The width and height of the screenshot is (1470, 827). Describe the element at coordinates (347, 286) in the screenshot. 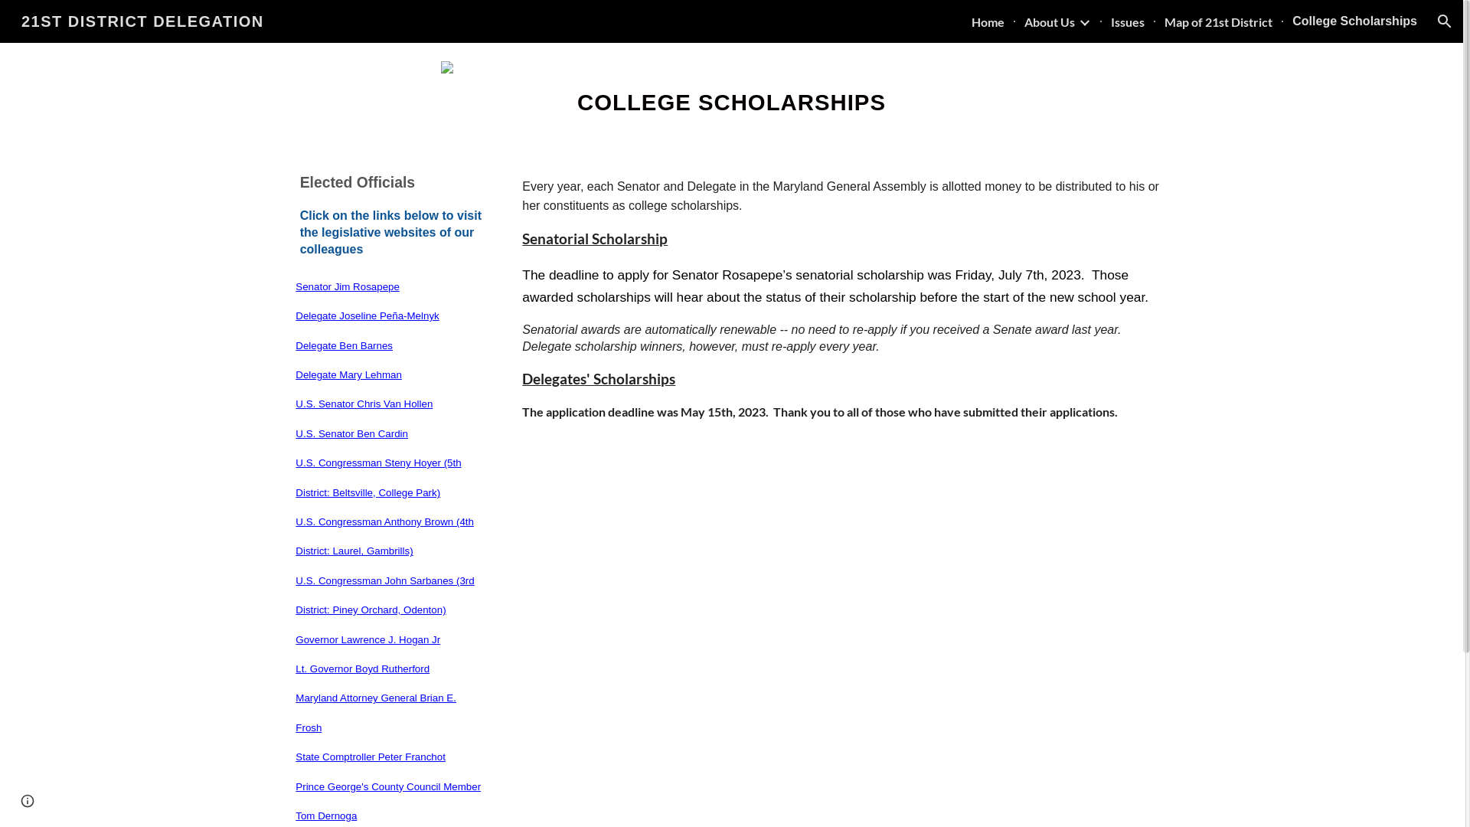

I see `'Senator Jim Rosapepe'` at that location.